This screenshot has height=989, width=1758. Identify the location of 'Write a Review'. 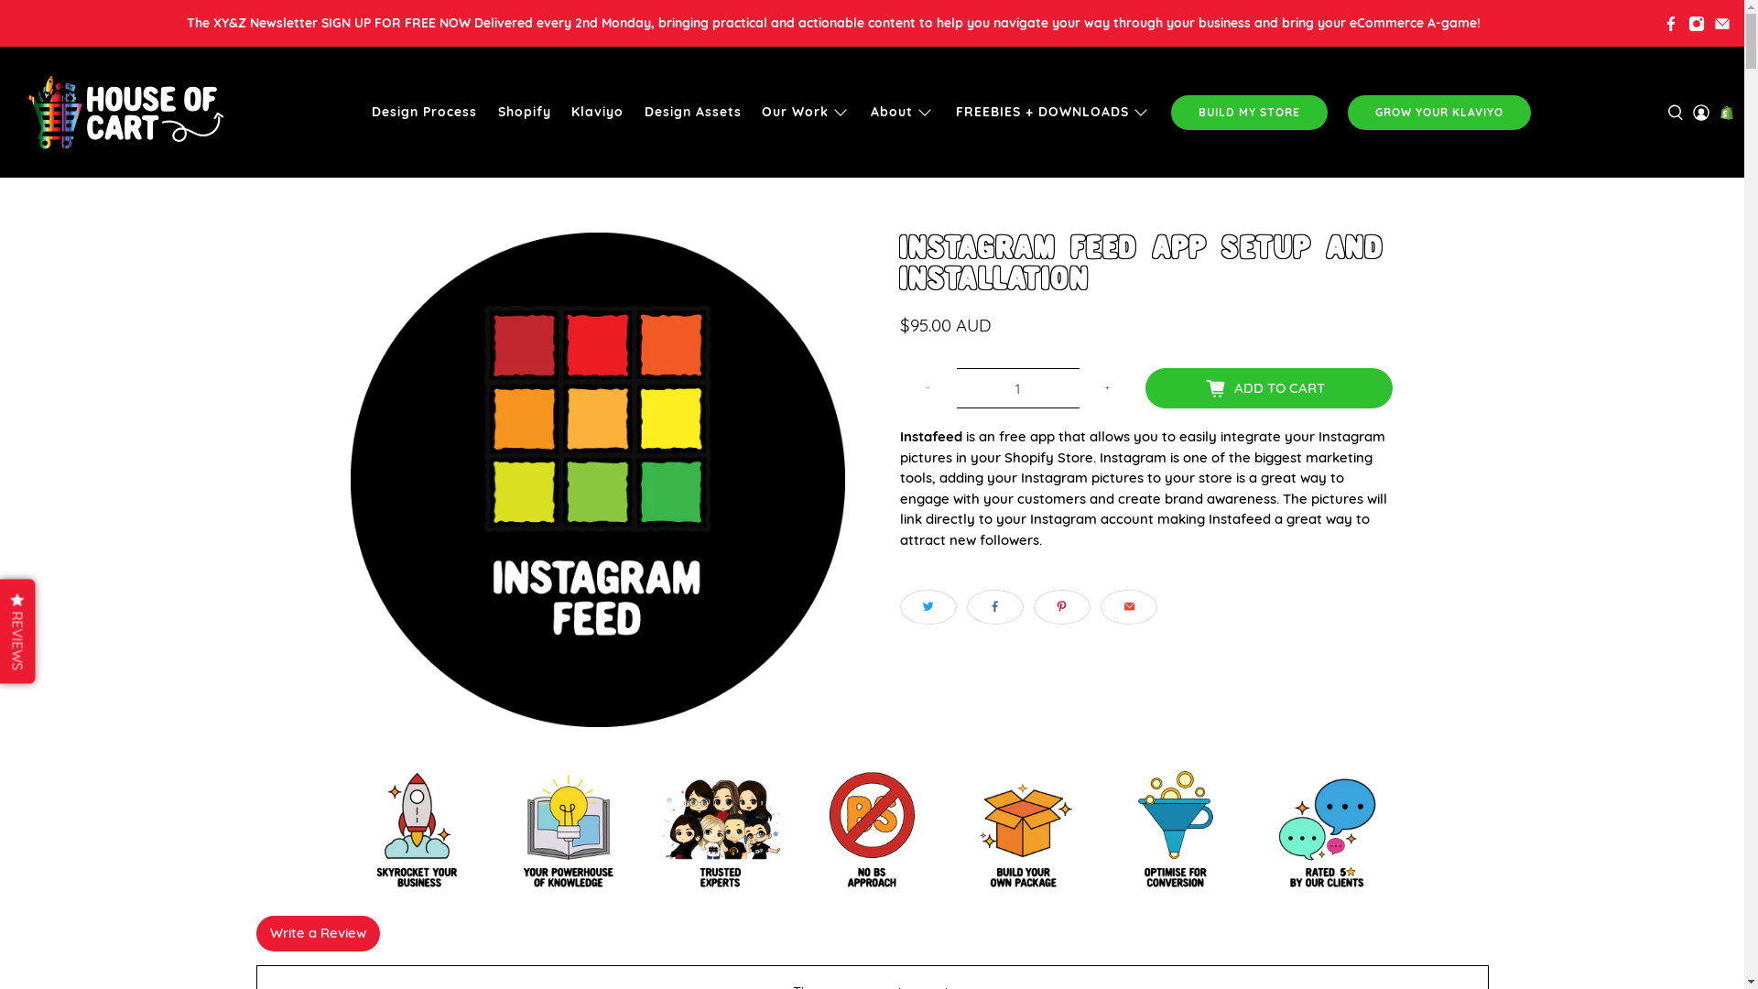
(318, 933).